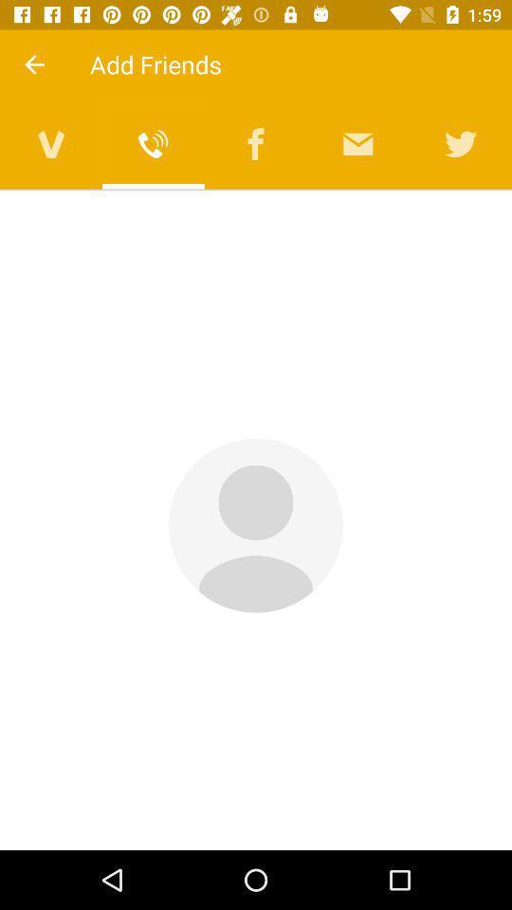 This screenshot has height=910, width=512. I want to click on friends from facebook, so click(256, 143).